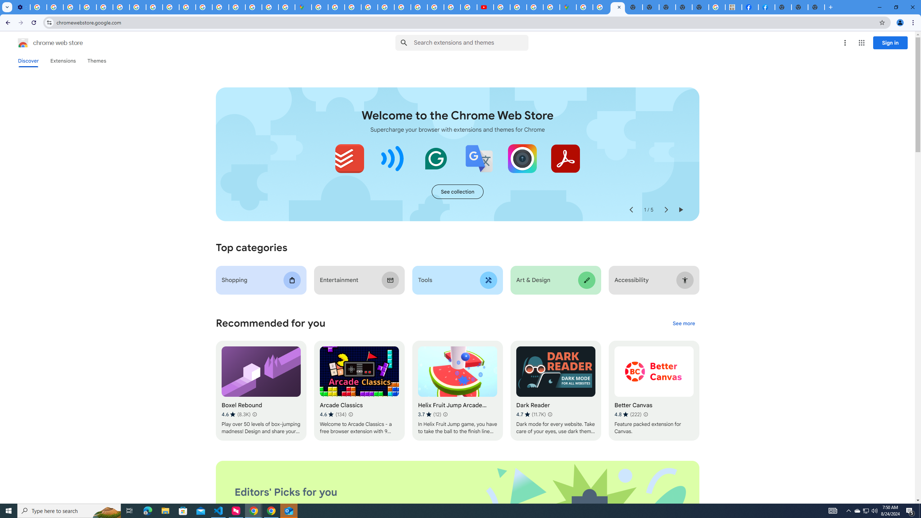 This screenshot has width=921, height=518. Describe the element at coordinates (350, 414) in the screenshot. I see `'Learn more about results and reviews "Arcade Classics"'` at that location.